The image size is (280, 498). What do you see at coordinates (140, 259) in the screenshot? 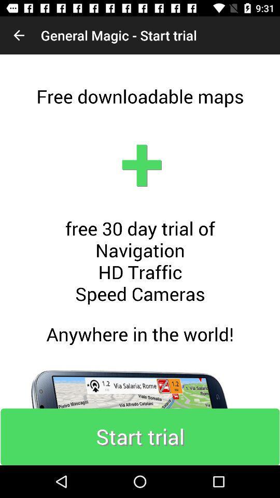
I see `advertisement page` at bounding box center [140, 259].